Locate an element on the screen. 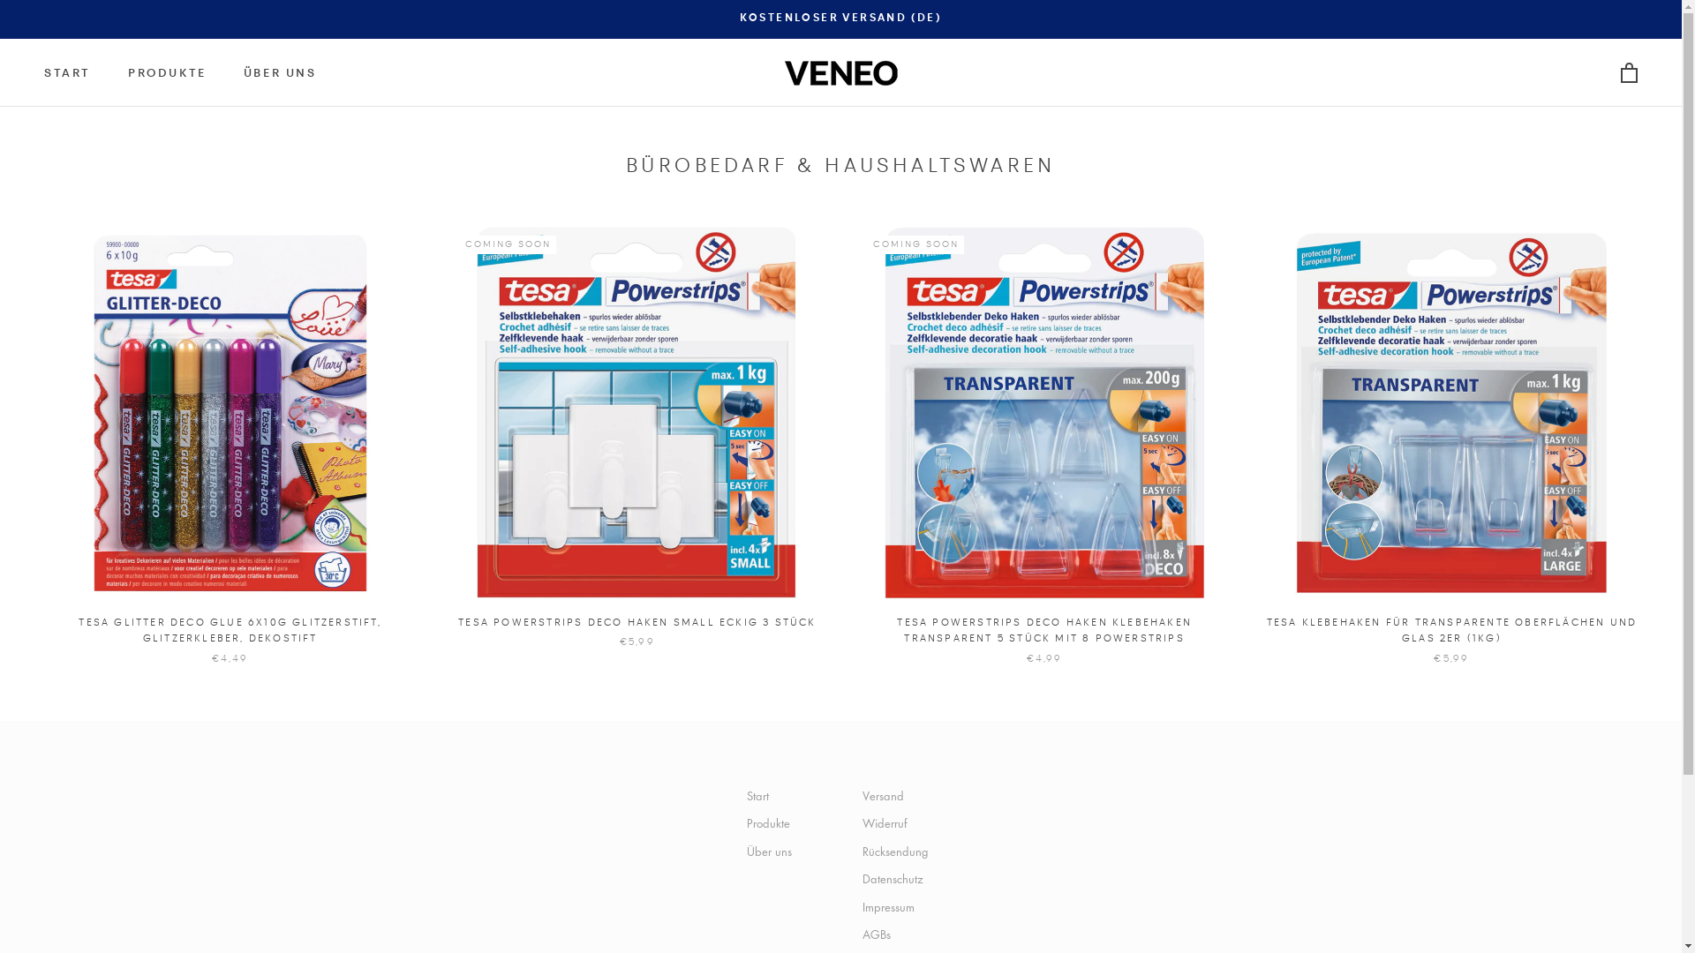 The image size is (1695, 953). 'START is located at coordinates (43, 72).